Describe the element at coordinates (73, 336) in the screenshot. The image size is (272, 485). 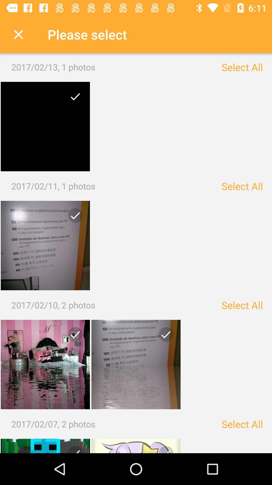
I see `selection` at that location.